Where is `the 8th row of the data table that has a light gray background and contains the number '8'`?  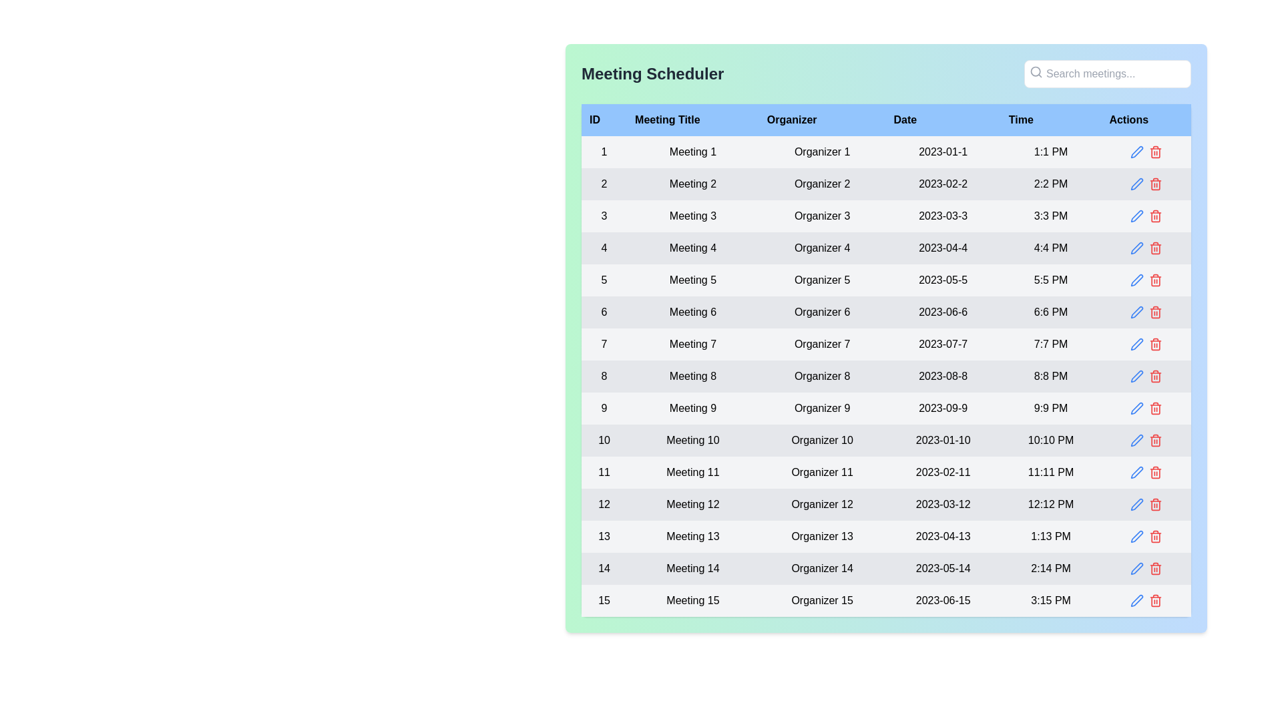
the 8th row of the data table that has a light gray background and contains the number '8' is located at coordinates (886, 376).